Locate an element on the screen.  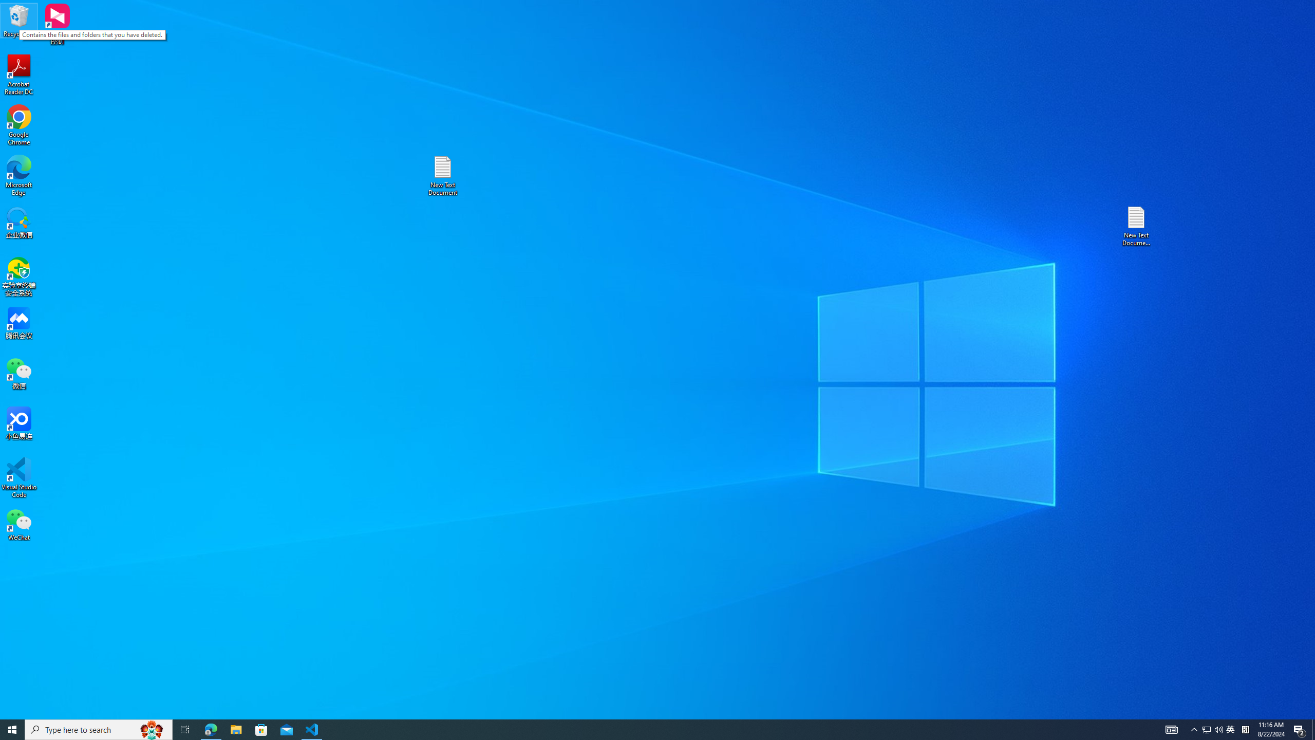
'Notification Chevron' is located at coordinates (1194, 729).